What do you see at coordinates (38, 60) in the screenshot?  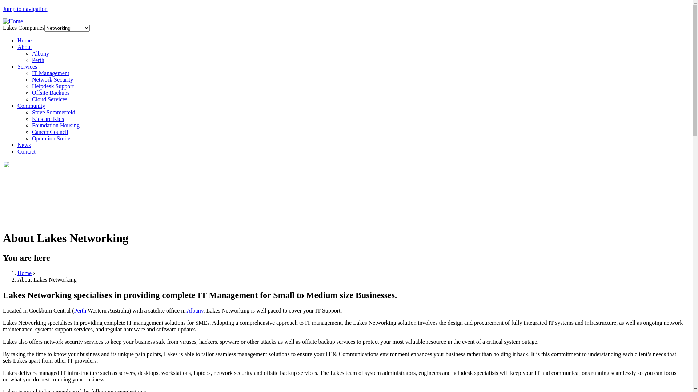 I see `'Perth'` at bounding box center [38, 60].